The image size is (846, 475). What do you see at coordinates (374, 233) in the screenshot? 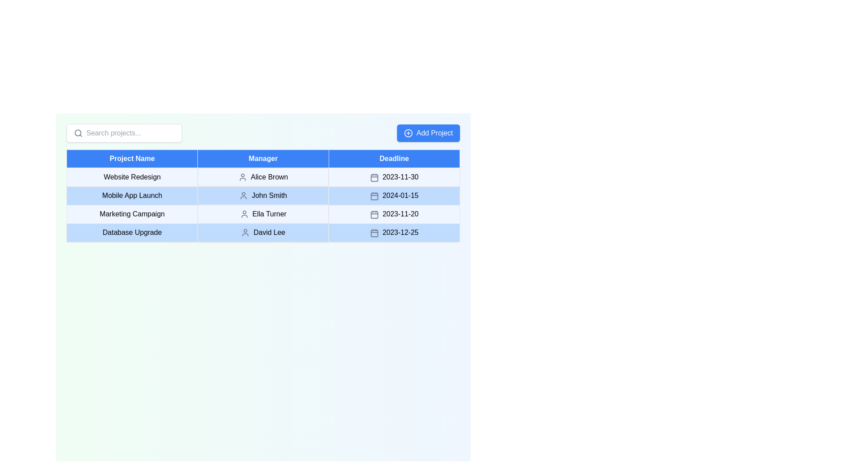
I see `the rectangular SVG graphic element that represents a date-related calendar symbol, located in the 'Deadline' column of the bottom-most row of the table` at bounding box center [374, 233].